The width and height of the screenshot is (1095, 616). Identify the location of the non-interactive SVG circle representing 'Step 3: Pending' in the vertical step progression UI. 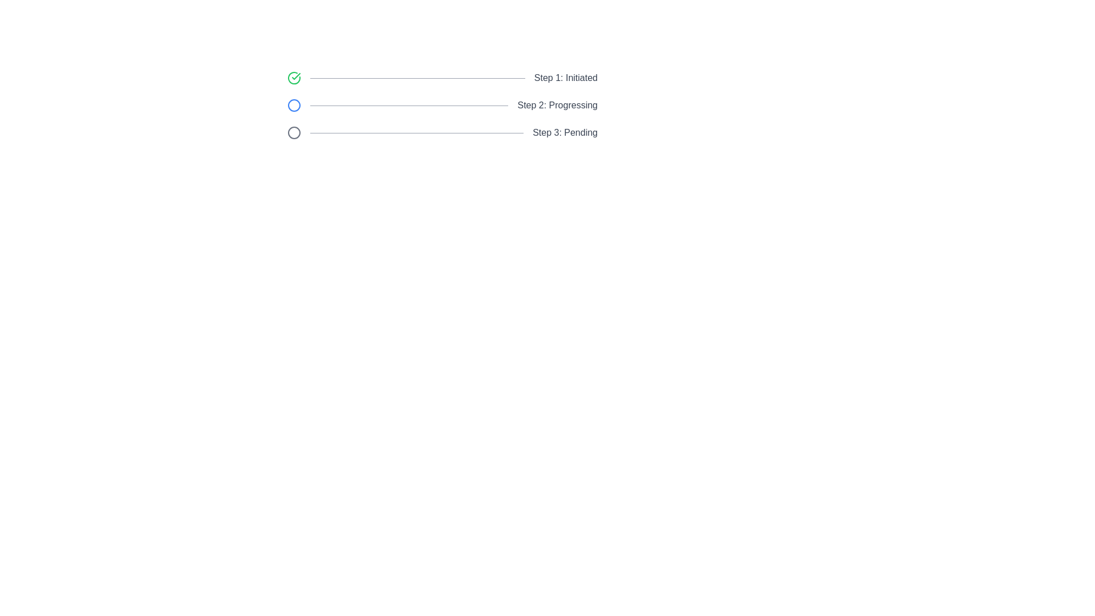
(294, 132).